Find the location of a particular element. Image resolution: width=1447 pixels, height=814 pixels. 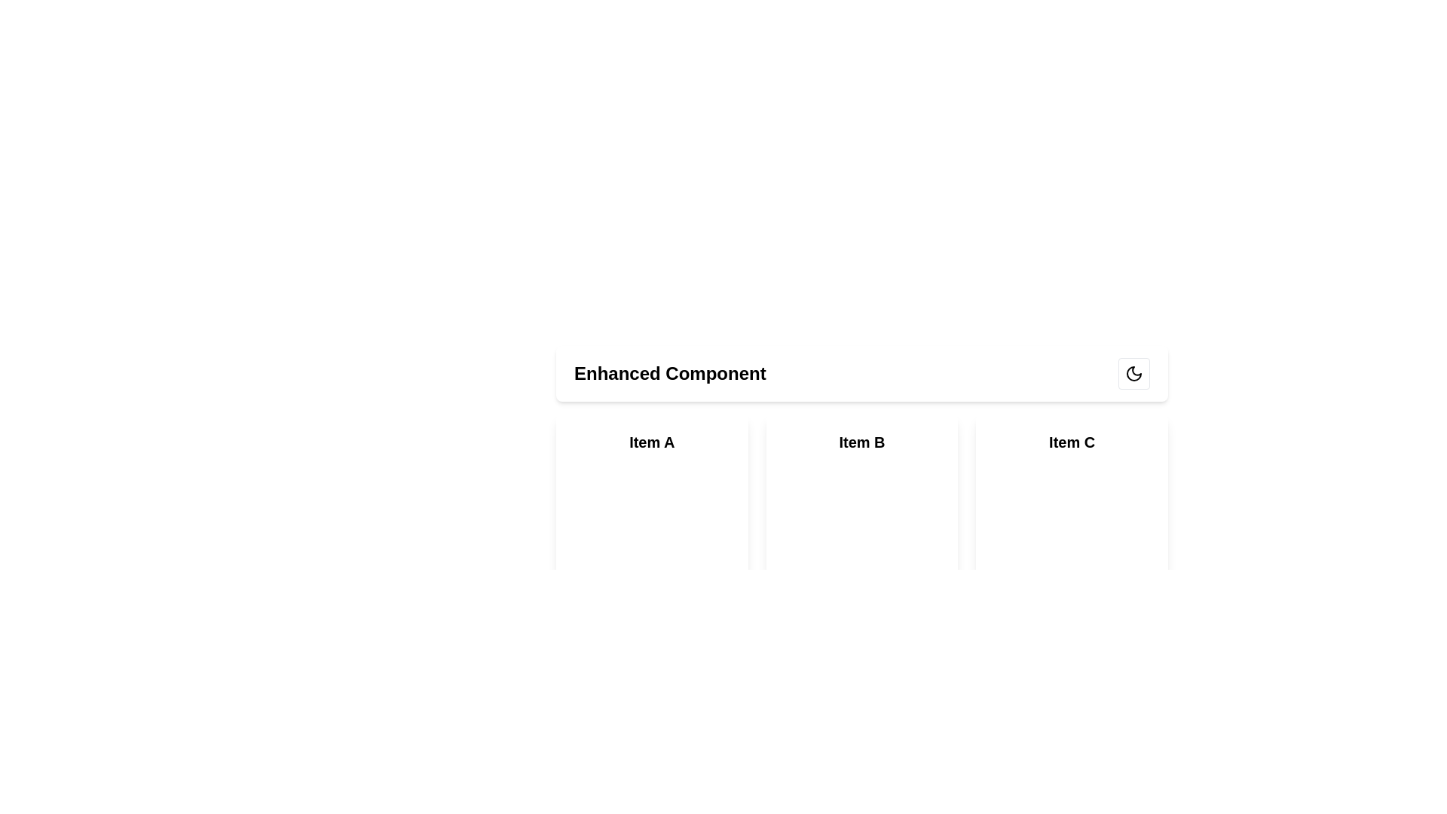

the moon icon, which is styled as an outlined crescent with a black stroke on a transparent background, located inside a bordered, rounded button area in the top-right corner of the interface is located at coordinates (1134, 373).